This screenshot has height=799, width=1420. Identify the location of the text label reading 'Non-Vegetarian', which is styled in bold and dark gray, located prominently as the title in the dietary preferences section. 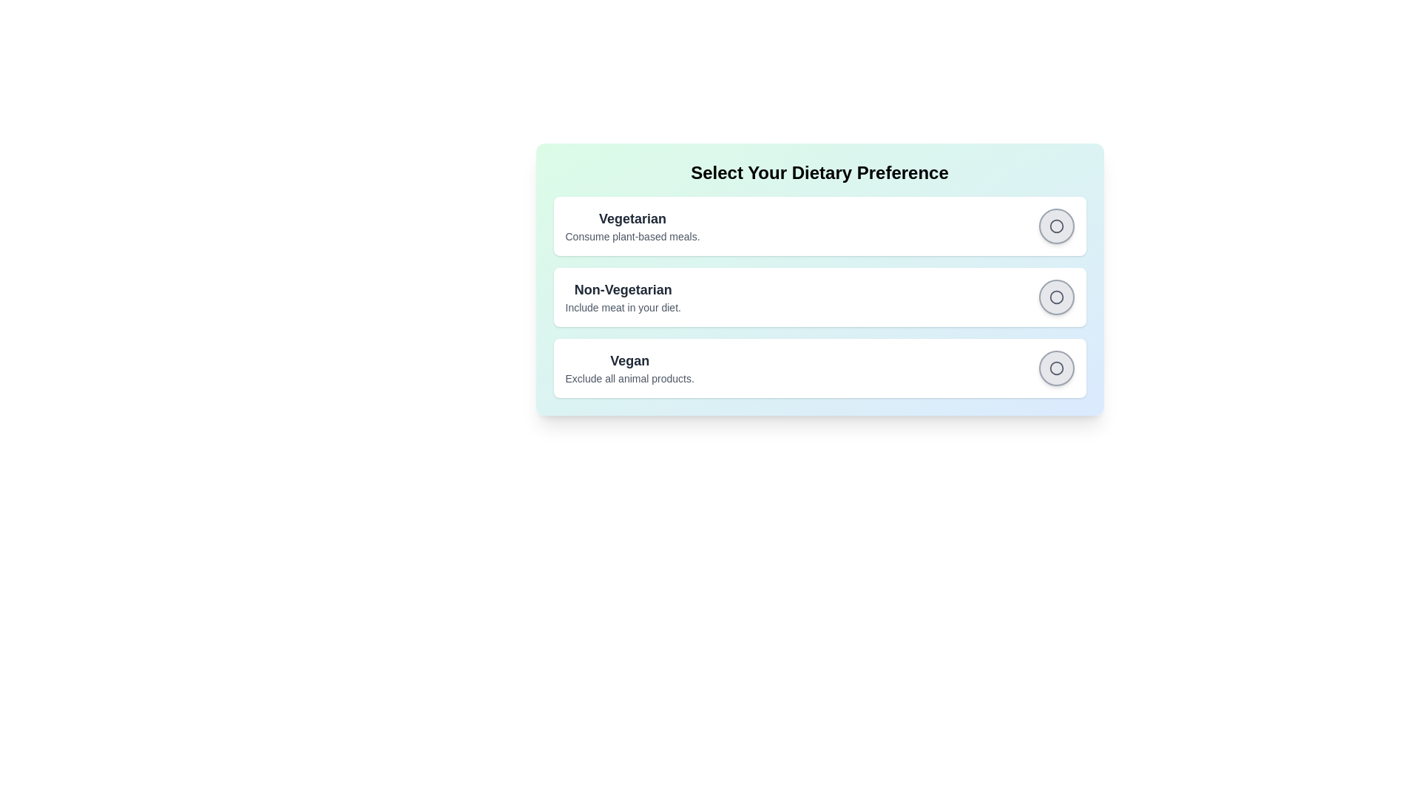
(623, 290).